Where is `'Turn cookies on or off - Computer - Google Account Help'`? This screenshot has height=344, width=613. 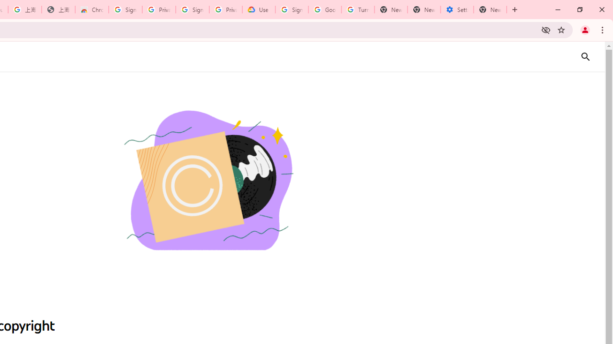
'Turn cookies on or off - Computer - Google Account Help' is located at coordinates (357, 10).